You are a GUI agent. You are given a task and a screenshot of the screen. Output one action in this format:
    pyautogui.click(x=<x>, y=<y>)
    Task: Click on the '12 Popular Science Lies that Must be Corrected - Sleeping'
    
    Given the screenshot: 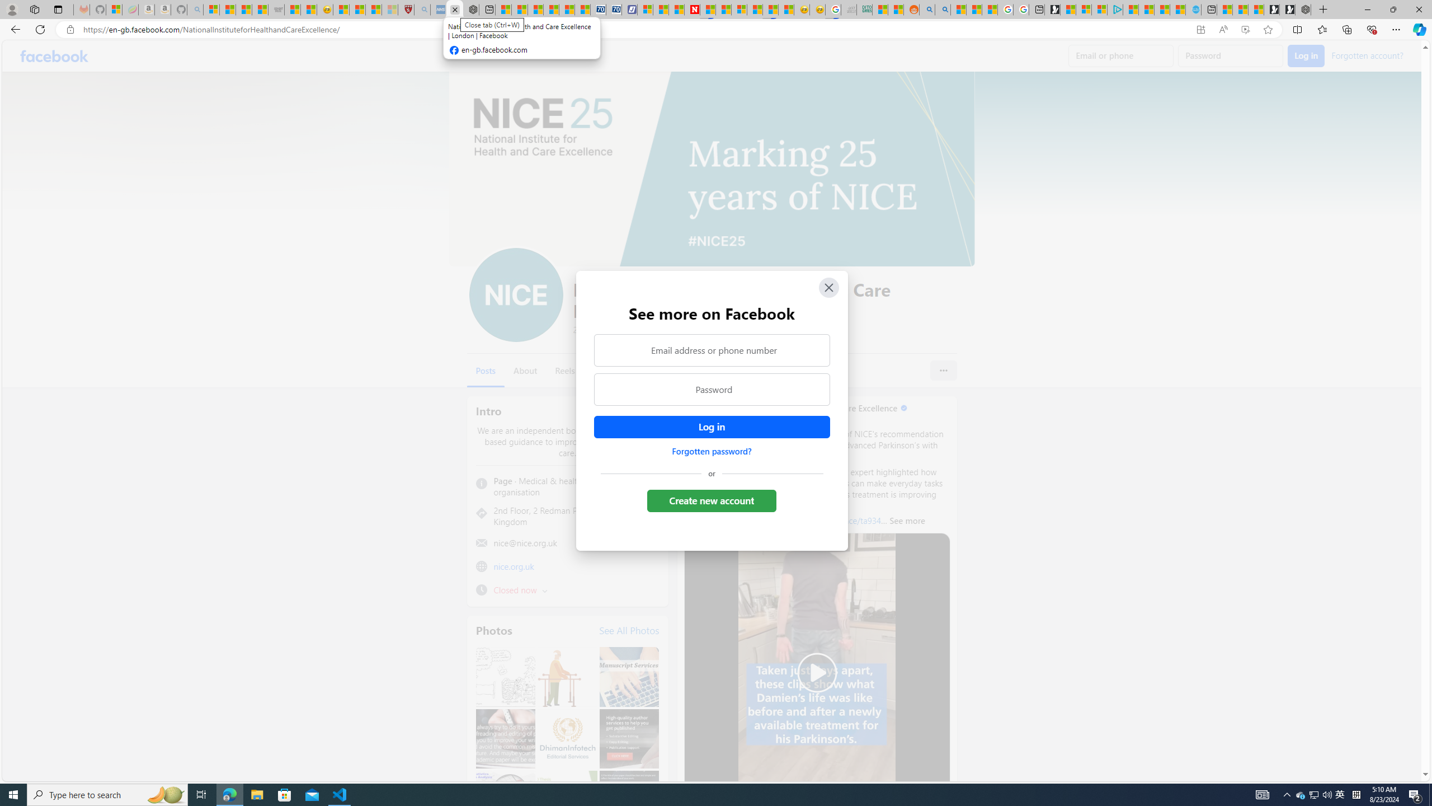 What is the action you would take?
    pyautogui.click(x=389, y=9)
    